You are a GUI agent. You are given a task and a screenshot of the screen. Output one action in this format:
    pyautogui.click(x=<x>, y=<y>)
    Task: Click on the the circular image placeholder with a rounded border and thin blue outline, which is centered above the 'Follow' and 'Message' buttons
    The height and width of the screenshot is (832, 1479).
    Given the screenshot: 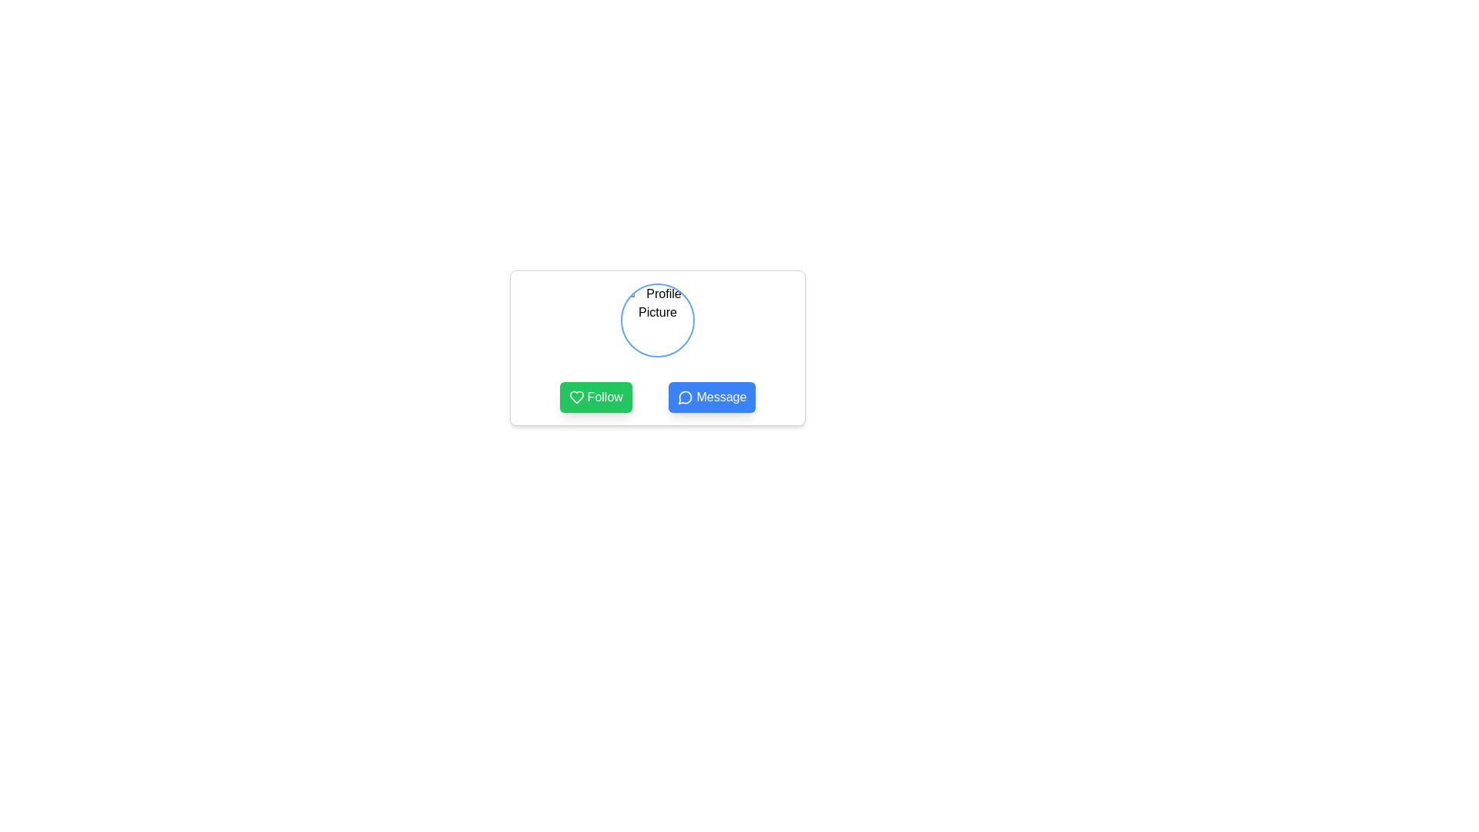 What is the action you would take?
    pyautogui.click(x=658, y=320)
    